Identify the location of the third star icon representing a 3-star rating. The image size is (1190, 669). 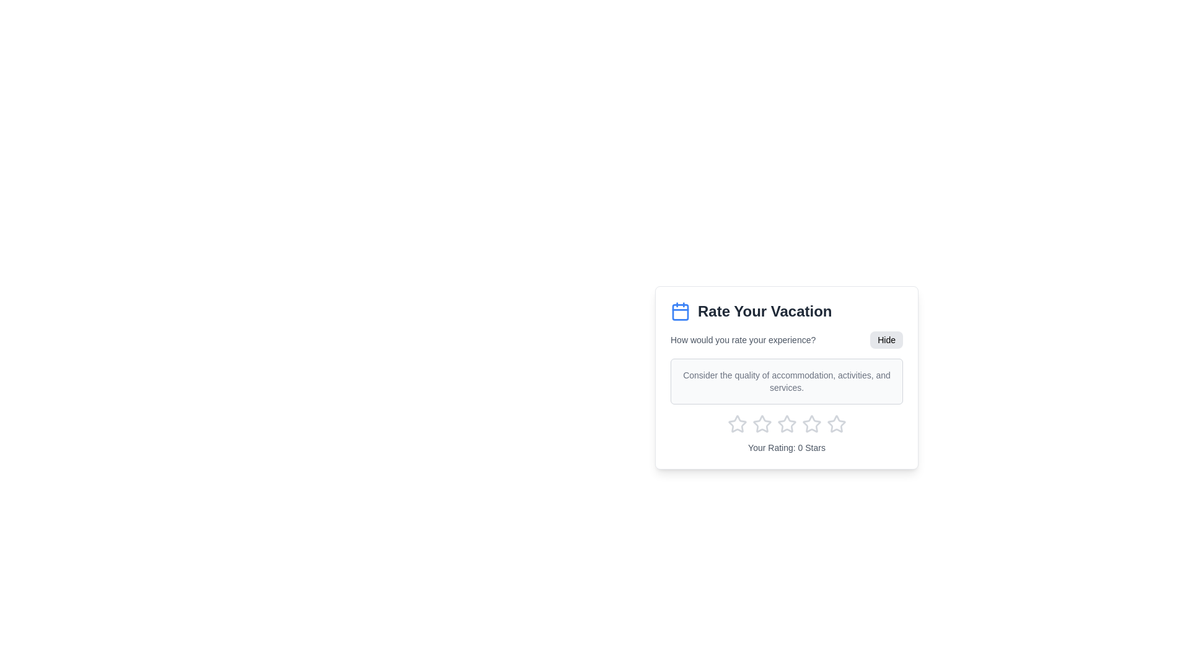
(761, 424).